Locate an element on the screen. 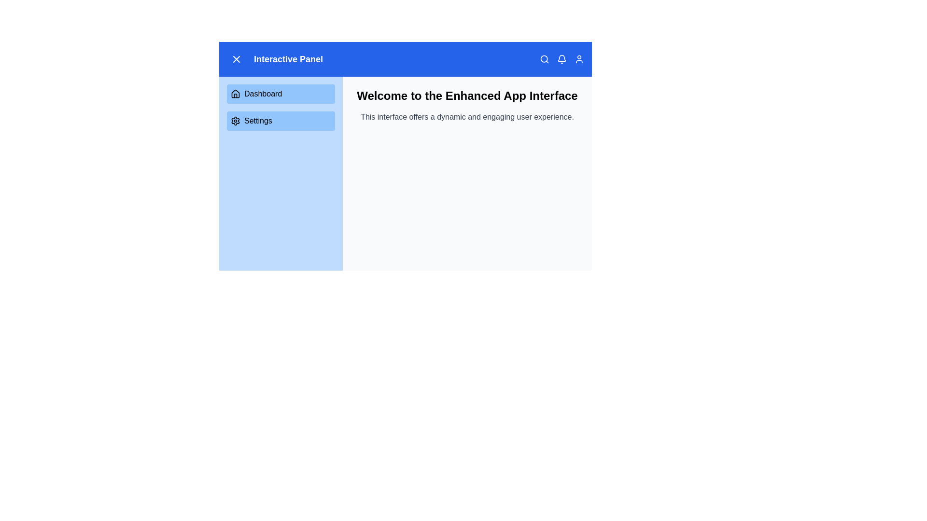 The height and width of the screenshot is (521, 927). the Dashboard button located at the top of the vertically stacked menu in the light blue sidebar is located at coordinates (280, 94).